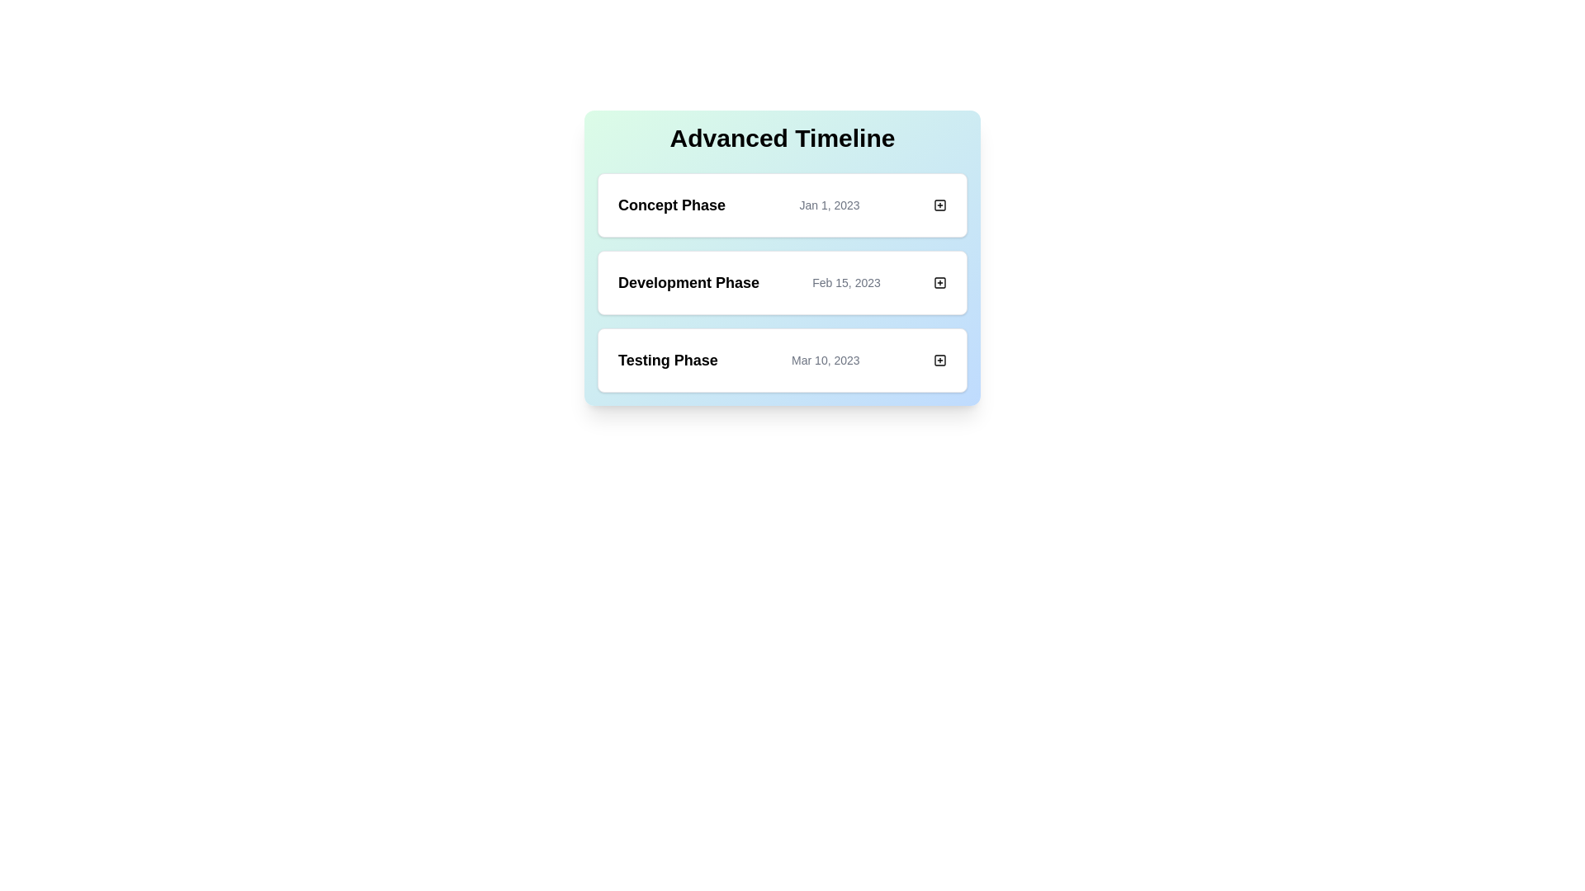 Image resolution: width=1585 pixels, height=891 pixels. I want to click on the text label displaying the date 'Jan 1, 2023', which is part of the first timeline entry row, positioned between 'Concept Phase' and a plus icon, so click(829, 205).